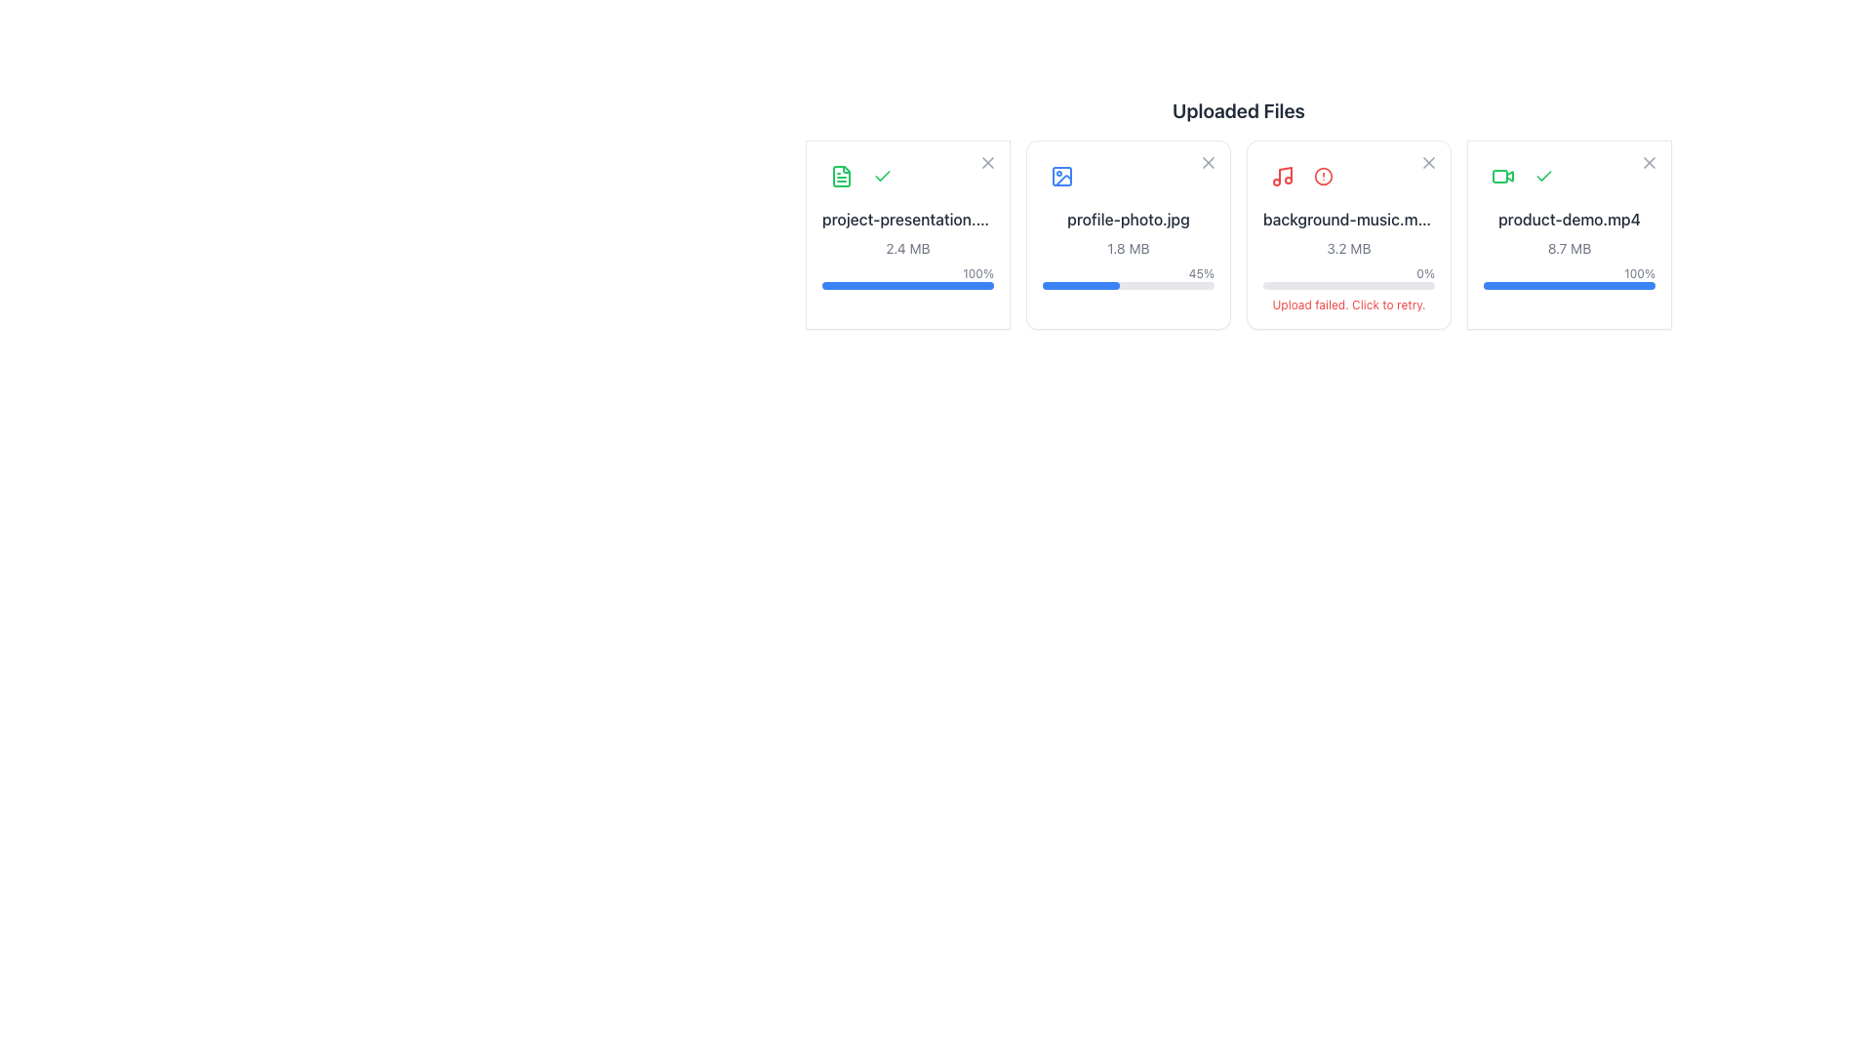 Image resolution: width=1873 pixels, height=1054 pixels. Describe the element at coordinates (1428, 164) in the screenshot. I see `the 'X' button at the top-right corner of the file preview card labeled 'background-music.mp3'` at that location.